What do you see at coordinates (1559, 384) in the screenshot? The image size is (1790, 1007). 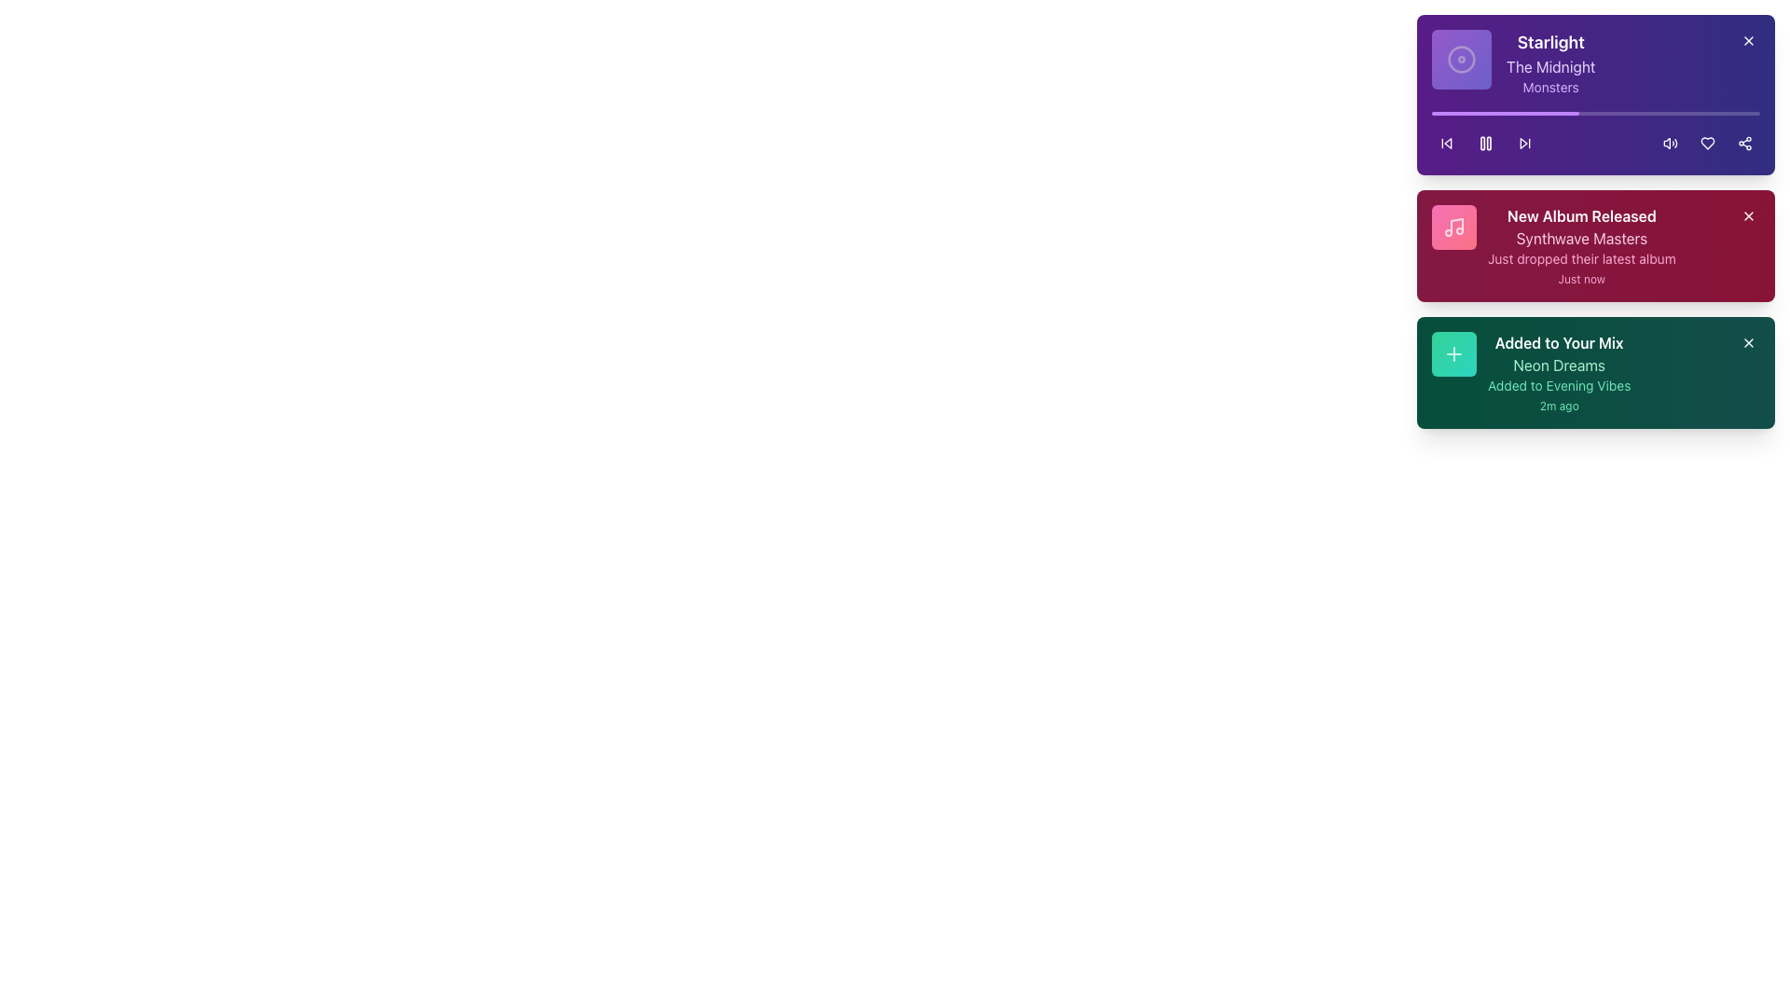 I see `the Text label that provides feedback about adding music to the 'Evening Vibes' playlist, located below 'Neon Dreams' and above '2m ago' within a notification card` at bounding box center [1559, 384].